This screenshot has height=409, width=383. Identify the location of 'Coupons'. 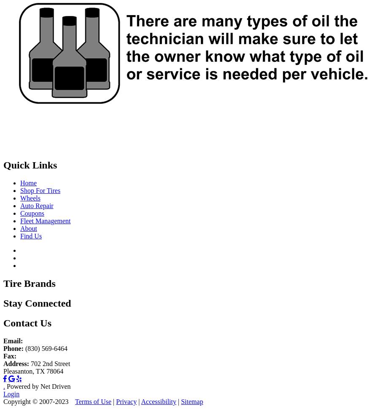
(32, 213).